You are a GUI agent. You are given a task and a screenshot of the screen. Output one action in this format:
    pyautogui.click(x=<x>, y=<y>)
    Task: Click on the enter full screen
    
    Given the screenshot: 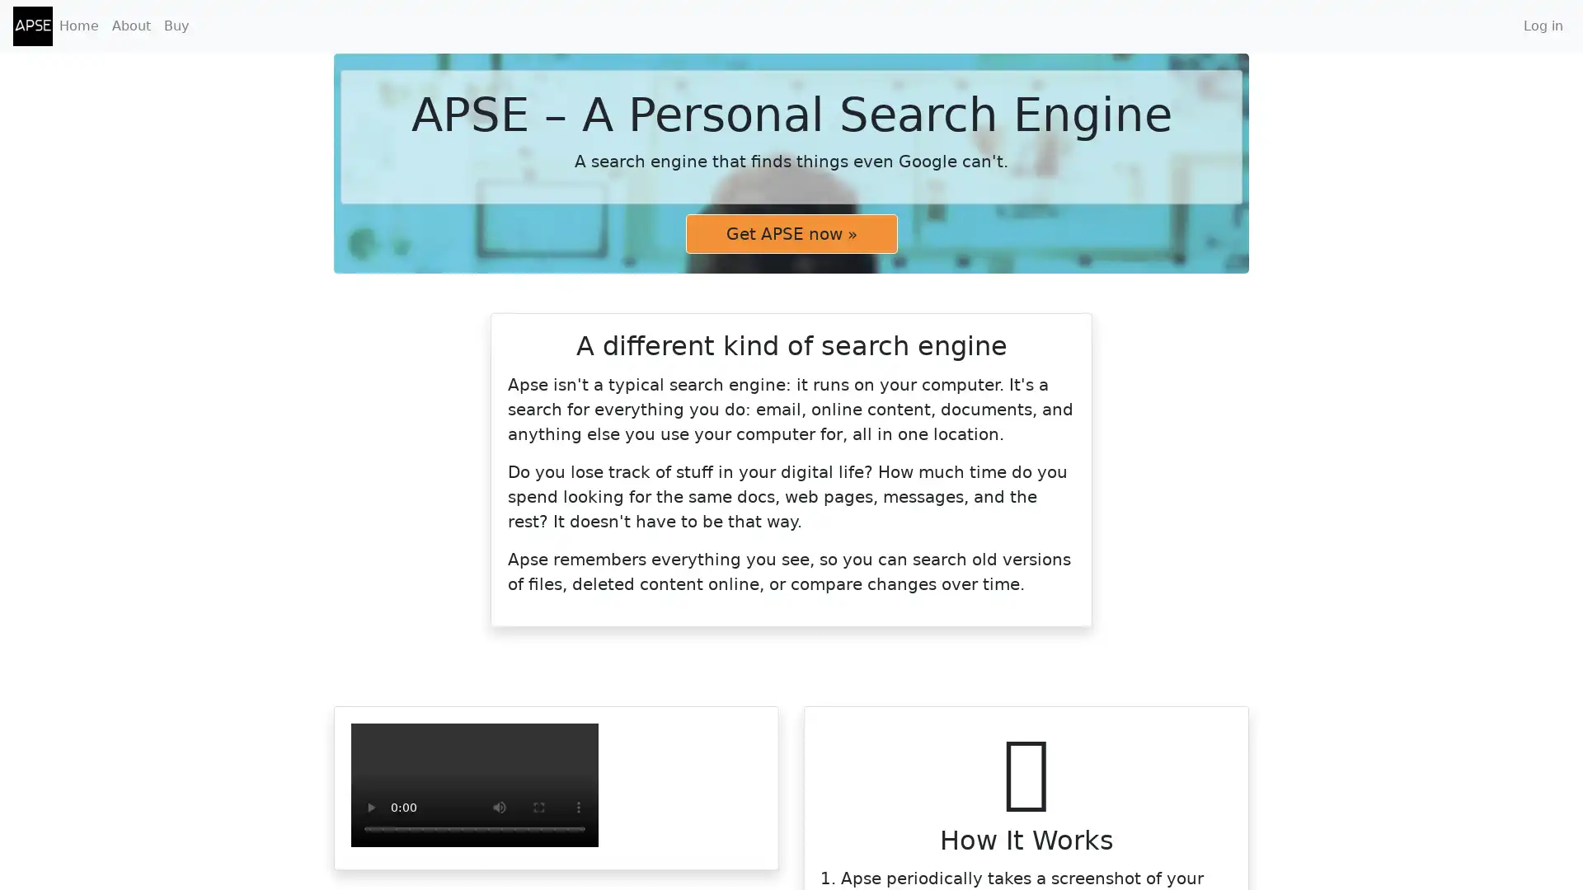 What is the action you would take?
    pyautogui.click(x=538, y=806)
    